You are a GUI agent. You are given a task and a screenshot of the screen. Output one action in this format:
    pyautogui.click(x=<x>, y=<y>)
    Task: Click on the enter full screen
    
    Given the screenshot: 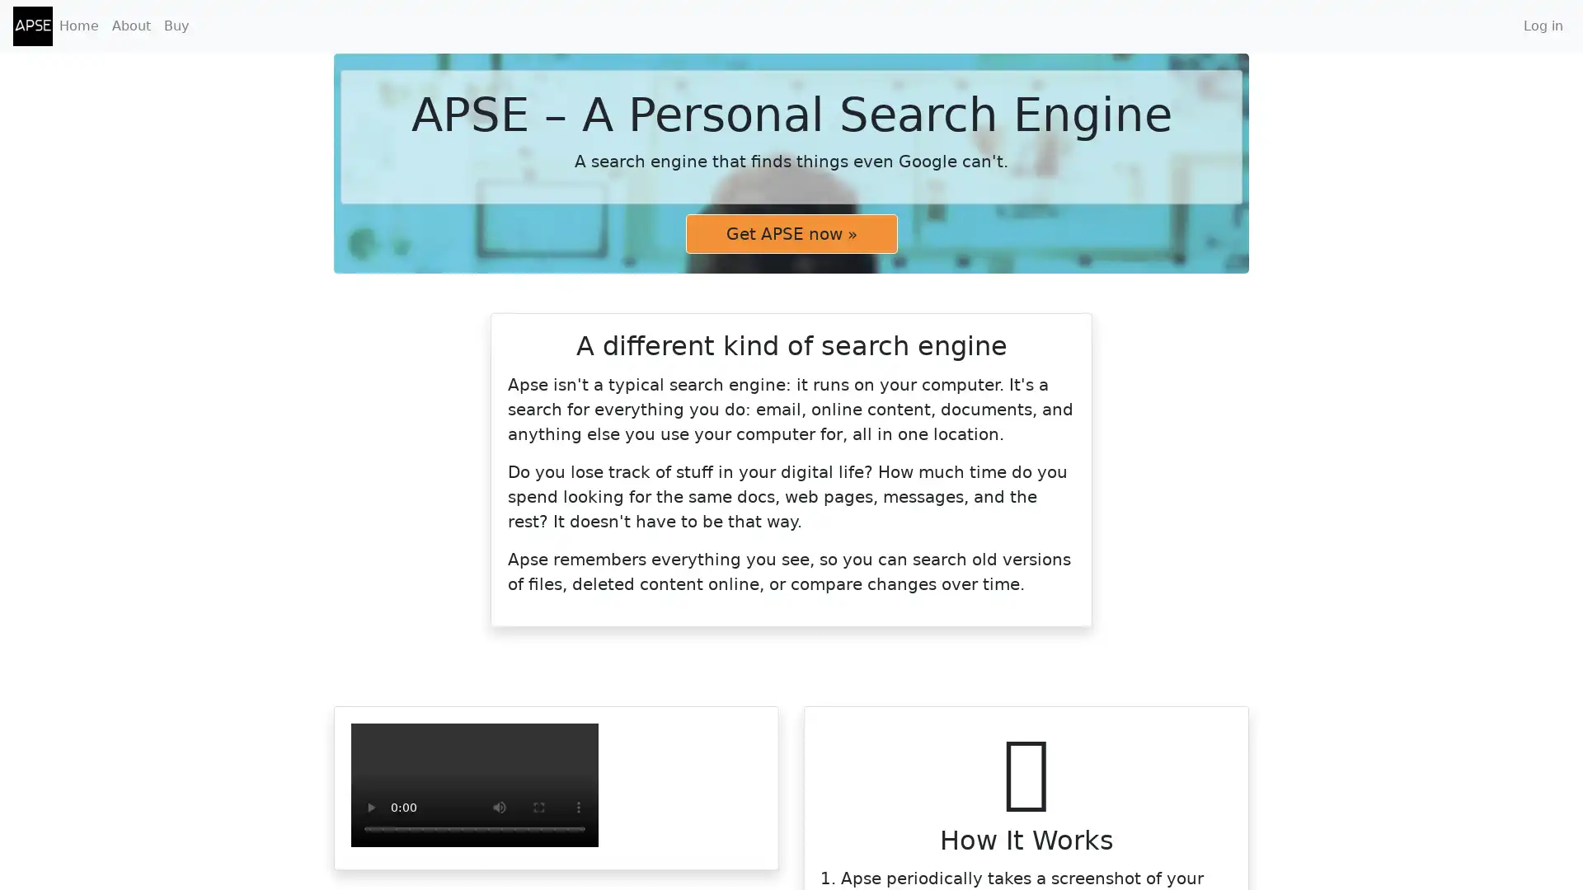 What is the action you would take?
    pyautogui.click(x=538, y=806)
    